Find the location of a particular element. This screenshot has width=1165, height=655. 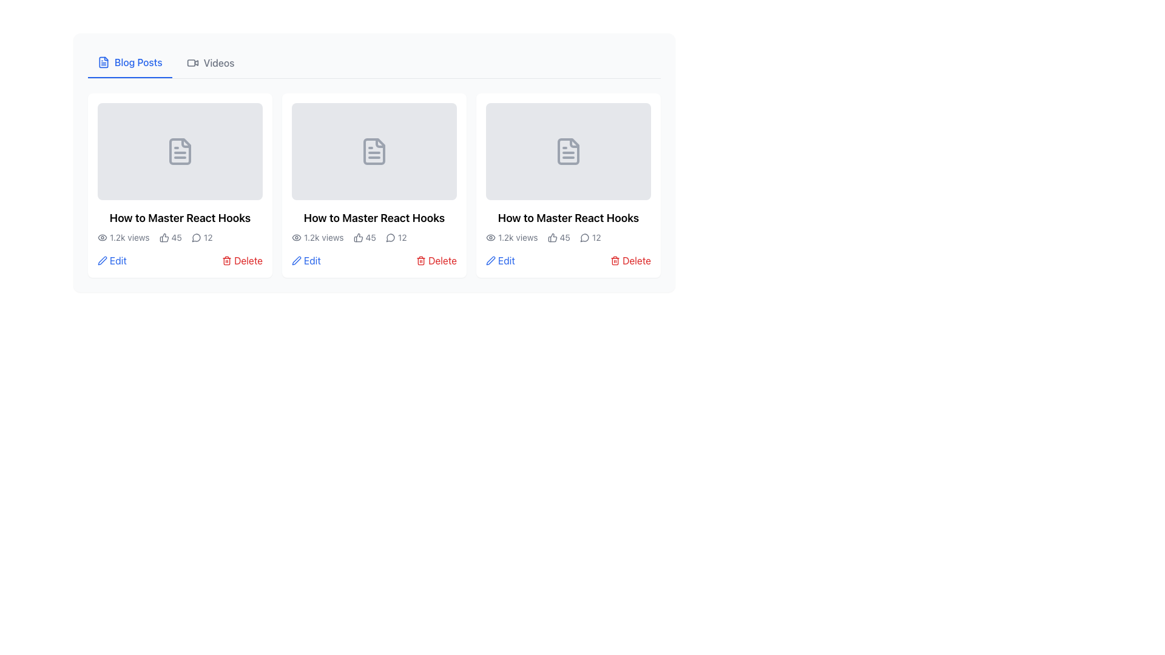

the document icon represented by a stylized rectangle with a folded top-right corner, located as the first tab indicator adjacent to the 'Blog Posts' label is located at coordinates (104, 62).